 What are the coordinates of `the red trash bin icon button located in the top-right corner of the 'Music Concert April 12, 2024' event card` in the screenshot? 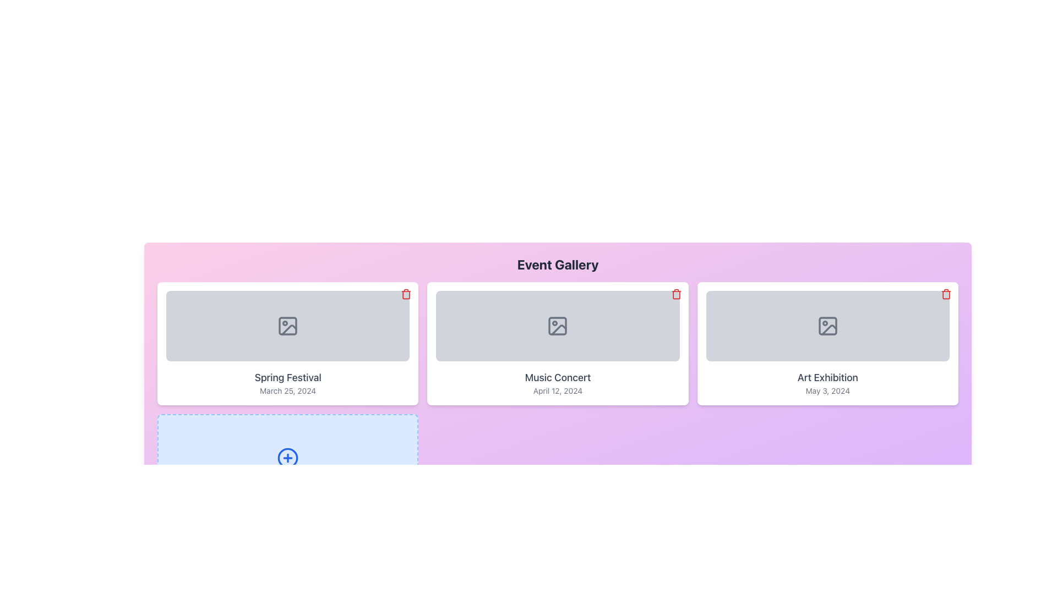 It's located at (675, 294).